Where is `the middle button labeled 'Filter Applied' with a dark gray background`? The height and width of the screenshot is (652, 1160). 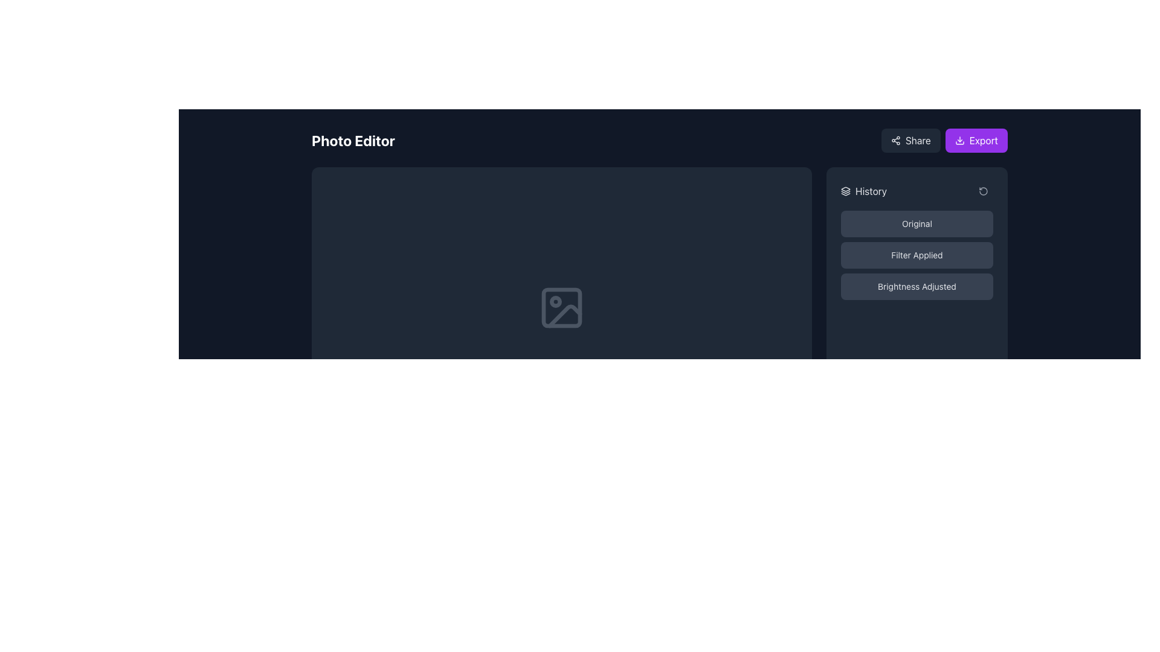
the middle button labeled 'Filter Applied' with a dark gray background is located at coordinates (917, 255).